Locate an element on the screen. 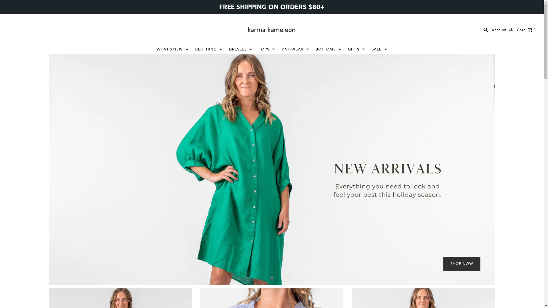 This screenshot has width=548, height=308. 'SALE' is located at coordinates (368, 49).